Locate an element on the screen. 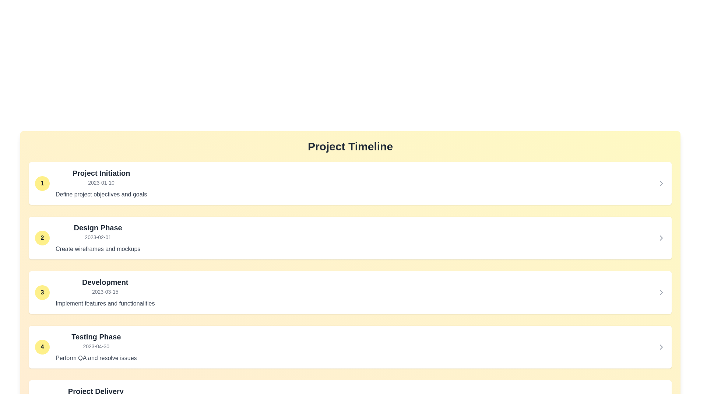 This screenshot has height=398, width=707. the small right-pointing chevron icon styled as an outline, located at the rightmost side of the 'Design Phase' item in the 'Project Timeline' list is located at coordinates (661, 238).